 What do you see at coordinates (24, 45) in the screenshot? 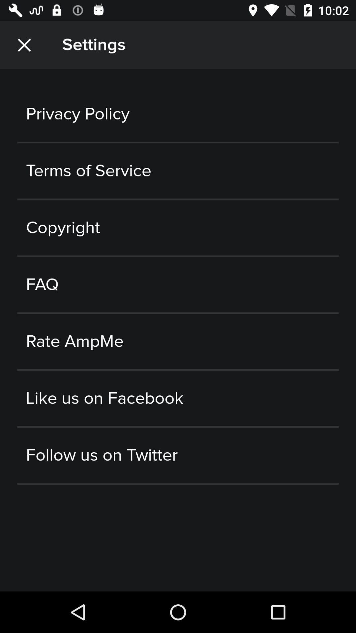
I see `the item to the left of the settings` at bounding box center [24, 45].